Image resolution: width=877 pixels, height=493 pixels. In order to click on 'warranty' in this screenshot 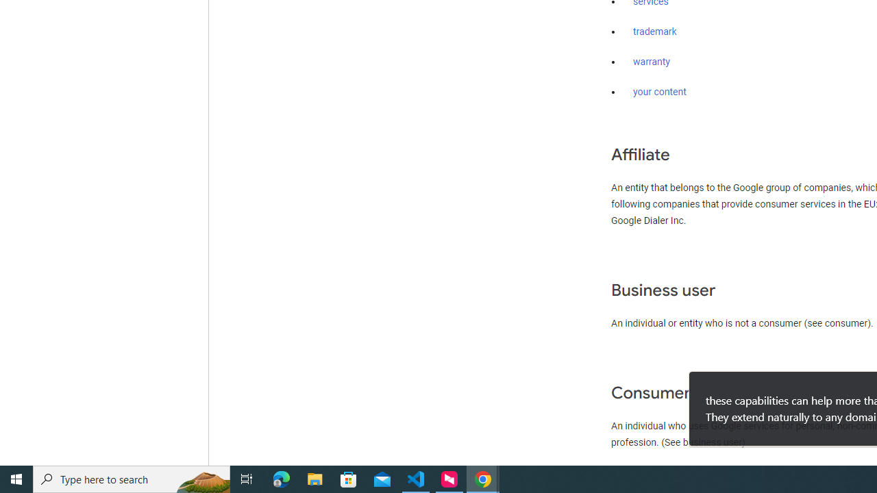, I will do `click(651, 62)`.